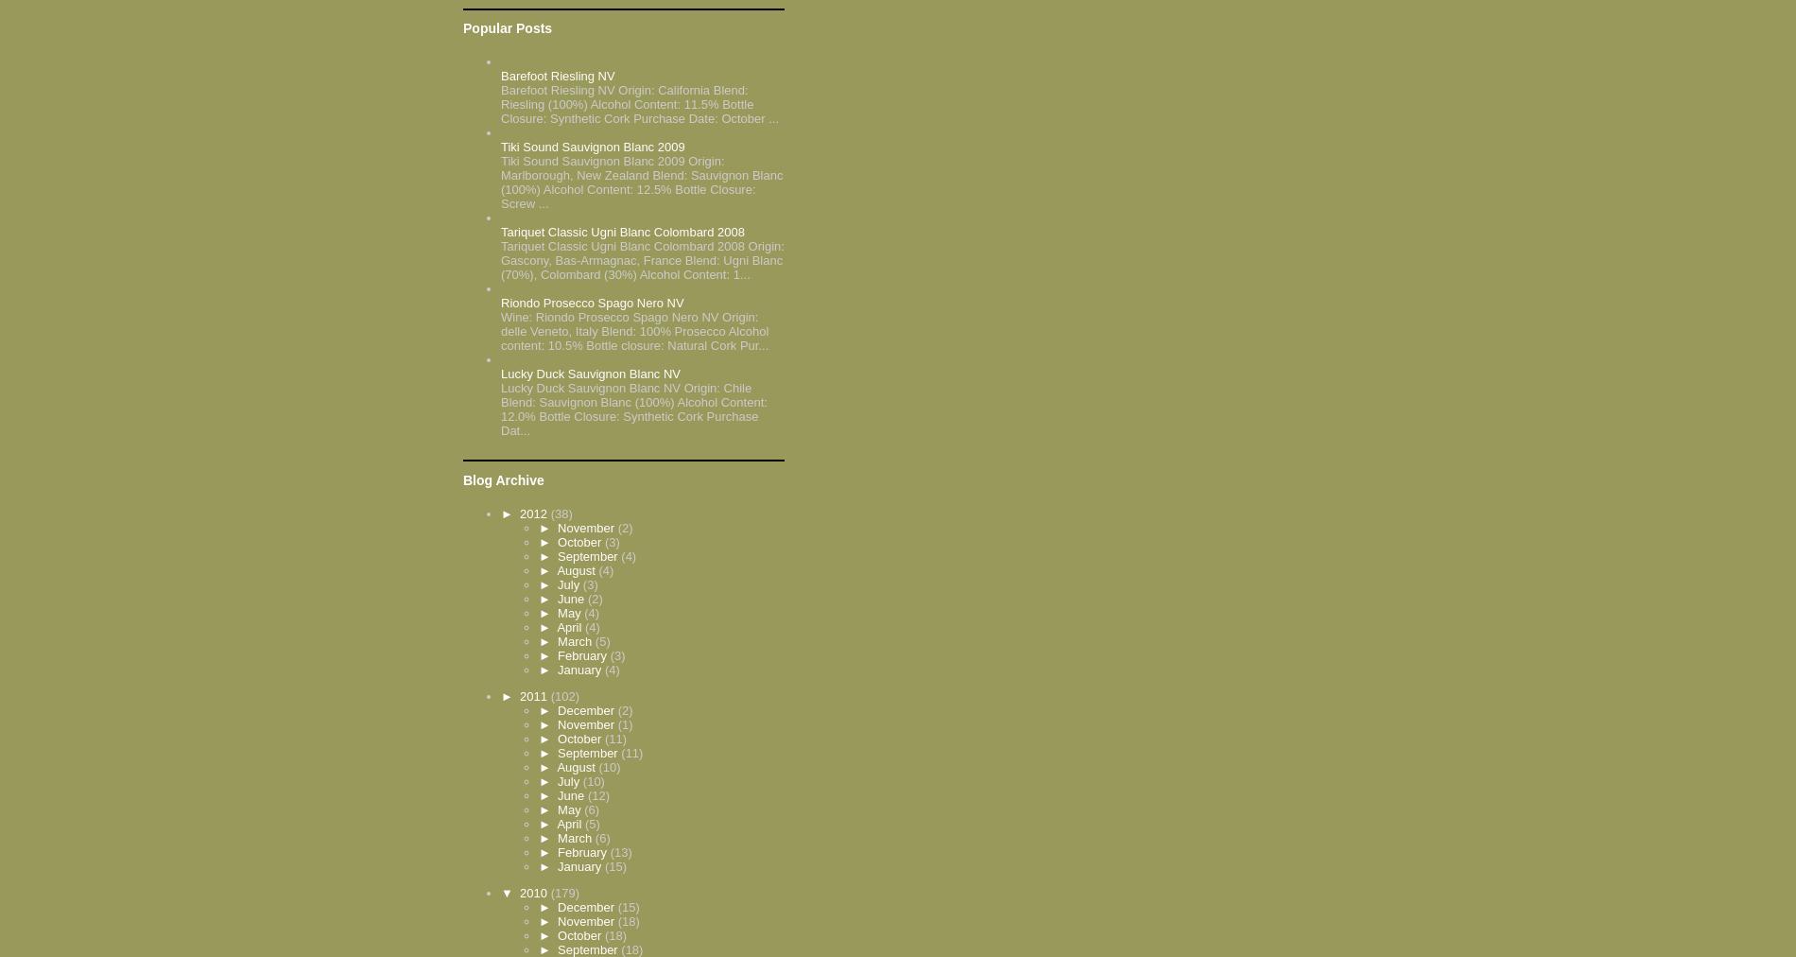 Image resolution: width=1796 pixels, height=957 pixels. What do you see at coordinates (642, 182) in the screenshot?
I see `'Tiki Sound Sauvignon Blanc 2009 Origin: Marlborough, New Zealand Blend: Sauvignon Blanc (100%) Alcohol Content: 12.5% Bottle Closure: Screw ...'` at bounding box center [642, 182].